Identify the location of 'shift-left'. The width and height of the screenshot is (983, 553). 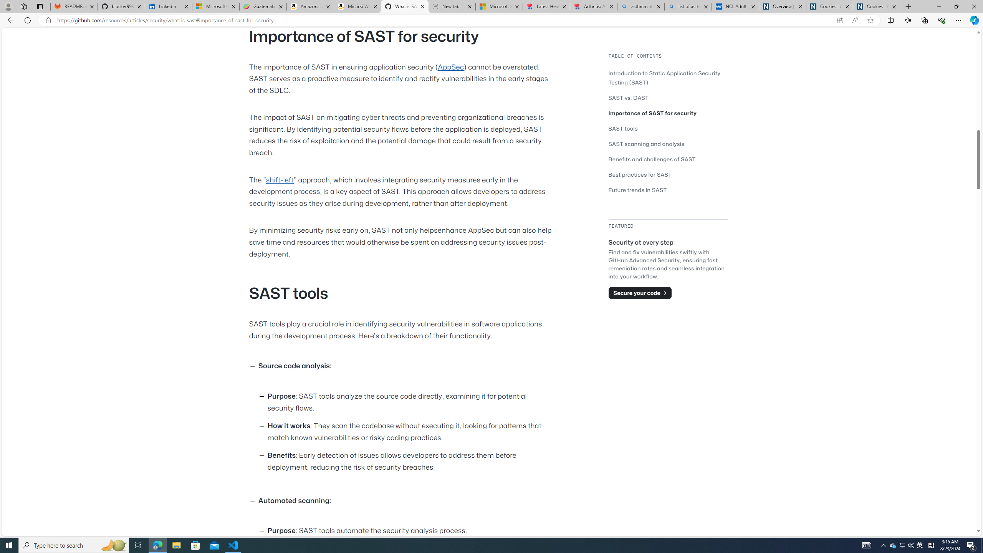
(279, 179).